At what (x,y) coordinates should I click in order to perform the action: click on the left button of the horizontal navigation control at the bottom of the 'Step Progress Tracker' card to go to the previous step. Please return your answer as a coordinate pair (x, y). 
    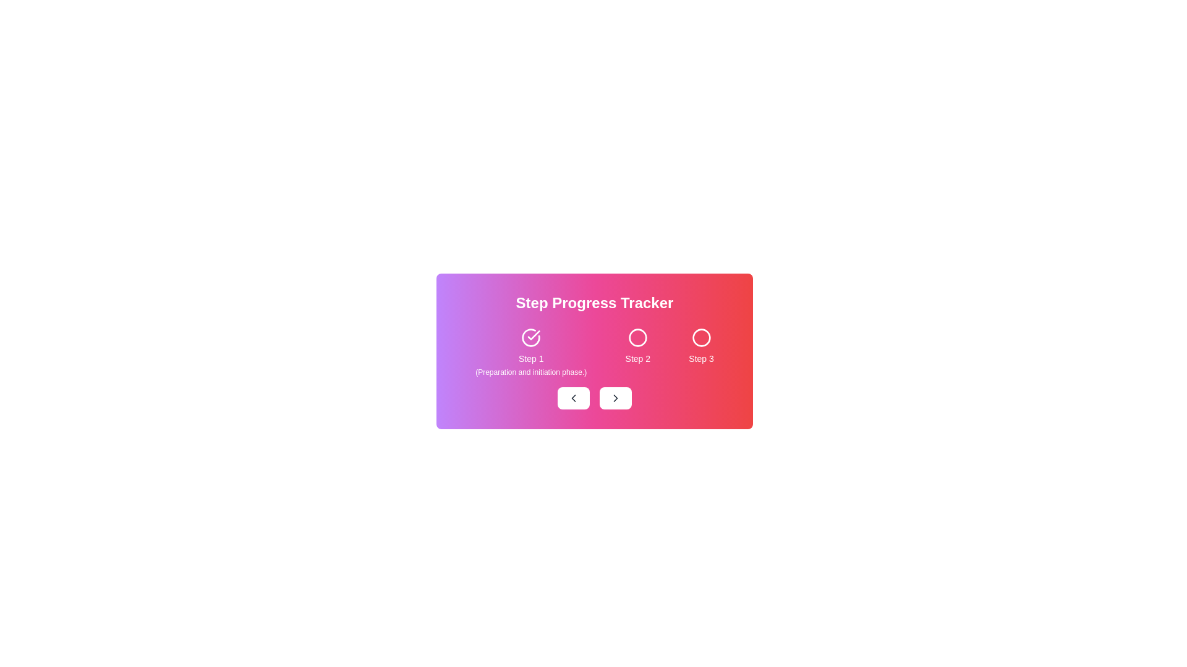
    Looking at the image, I should click on (594, 398).